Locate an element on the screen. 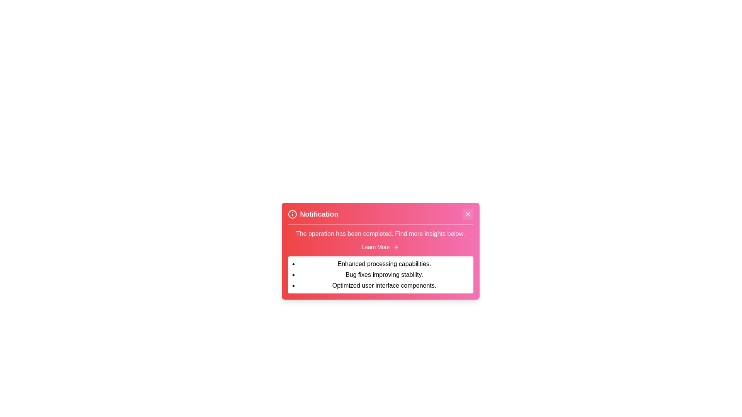 The width and height of the screenshot is (742, 417). close button to dismiss the alert is located at coordinates (467, 214).